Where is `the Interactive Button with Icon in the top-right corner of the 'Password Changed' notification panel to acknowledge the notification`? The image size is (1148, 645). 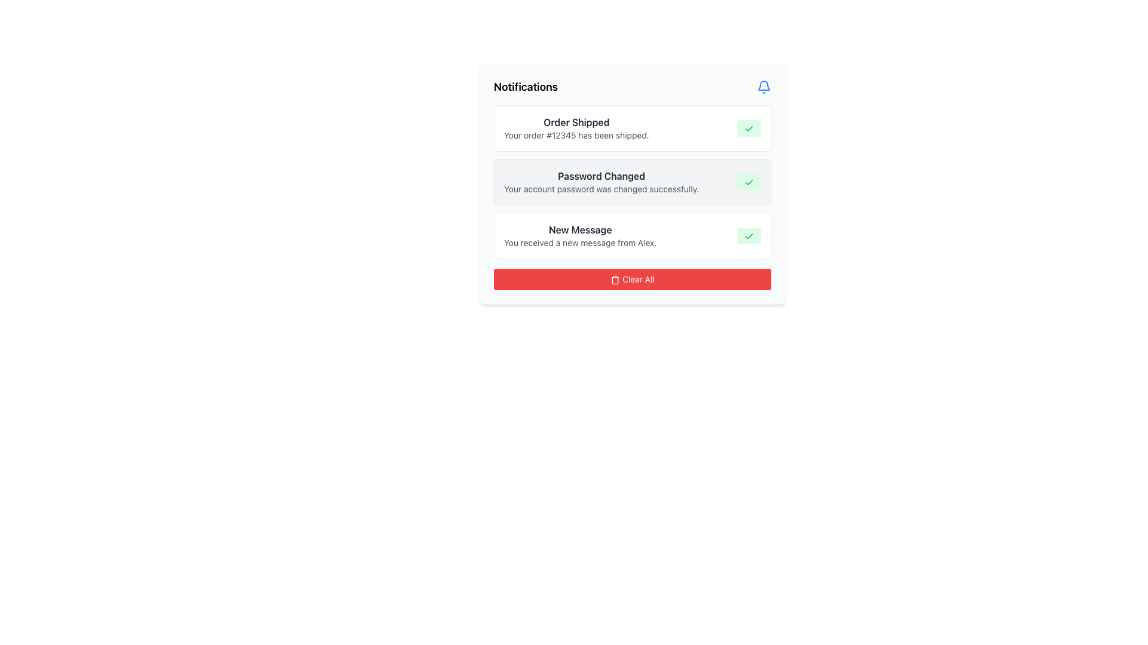
the Interactive Button with Icon in the top-right corner of the 'Password Changed' notification panel to acknowledge the notification is located at coordinates (748, 182).